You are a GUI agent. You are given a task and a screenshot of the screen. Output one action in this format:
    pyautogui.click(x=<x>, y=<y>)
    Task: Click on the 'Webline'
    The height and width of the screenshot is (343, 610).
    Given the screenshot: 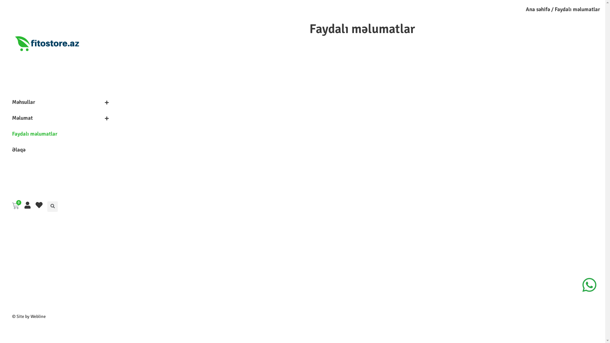 What is the action you would take?
    pyautogui.click(x=38, y=316)
    